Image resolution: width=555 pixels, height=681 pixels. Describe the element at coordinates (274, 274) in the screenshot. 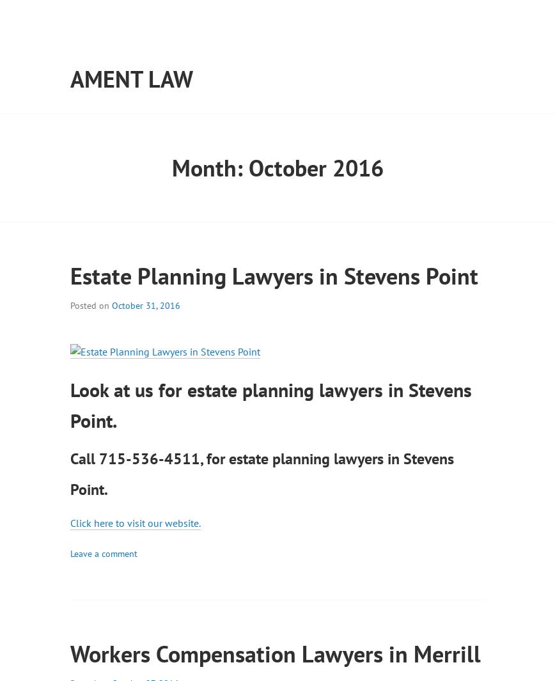

I see `'Estate Planning Lawyers in Stevens Point'` at that location.